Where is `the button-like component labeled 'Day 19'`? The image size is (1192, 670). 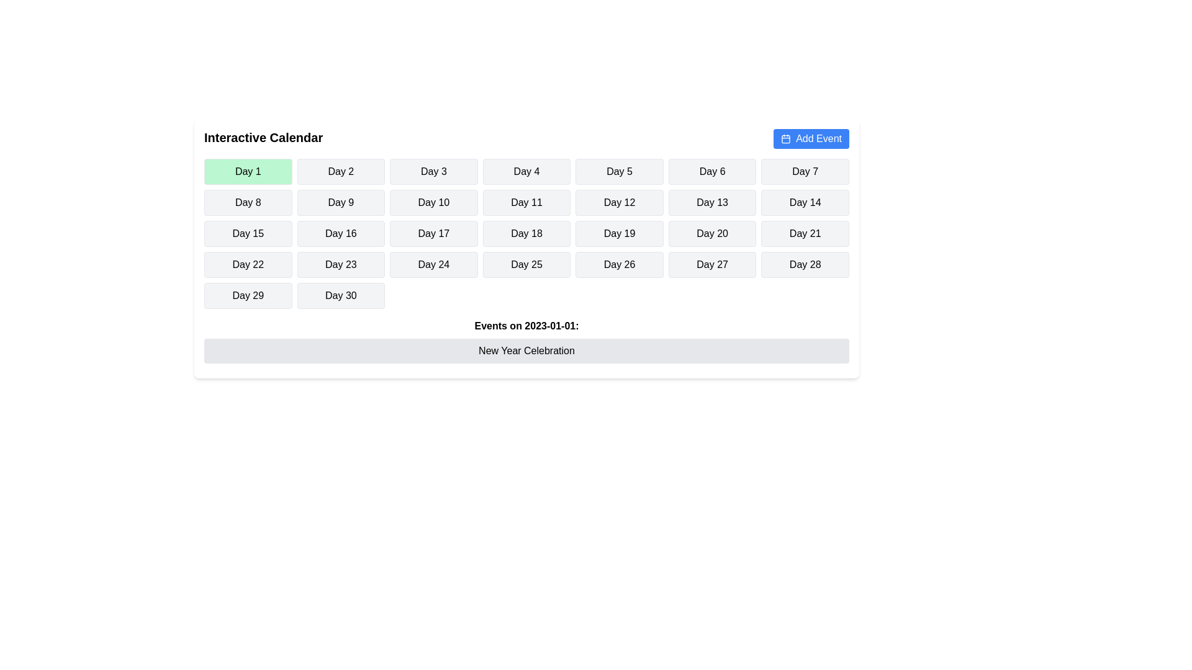
the button-like component labeled 'Day 19' is located at coordinates (620, 234).